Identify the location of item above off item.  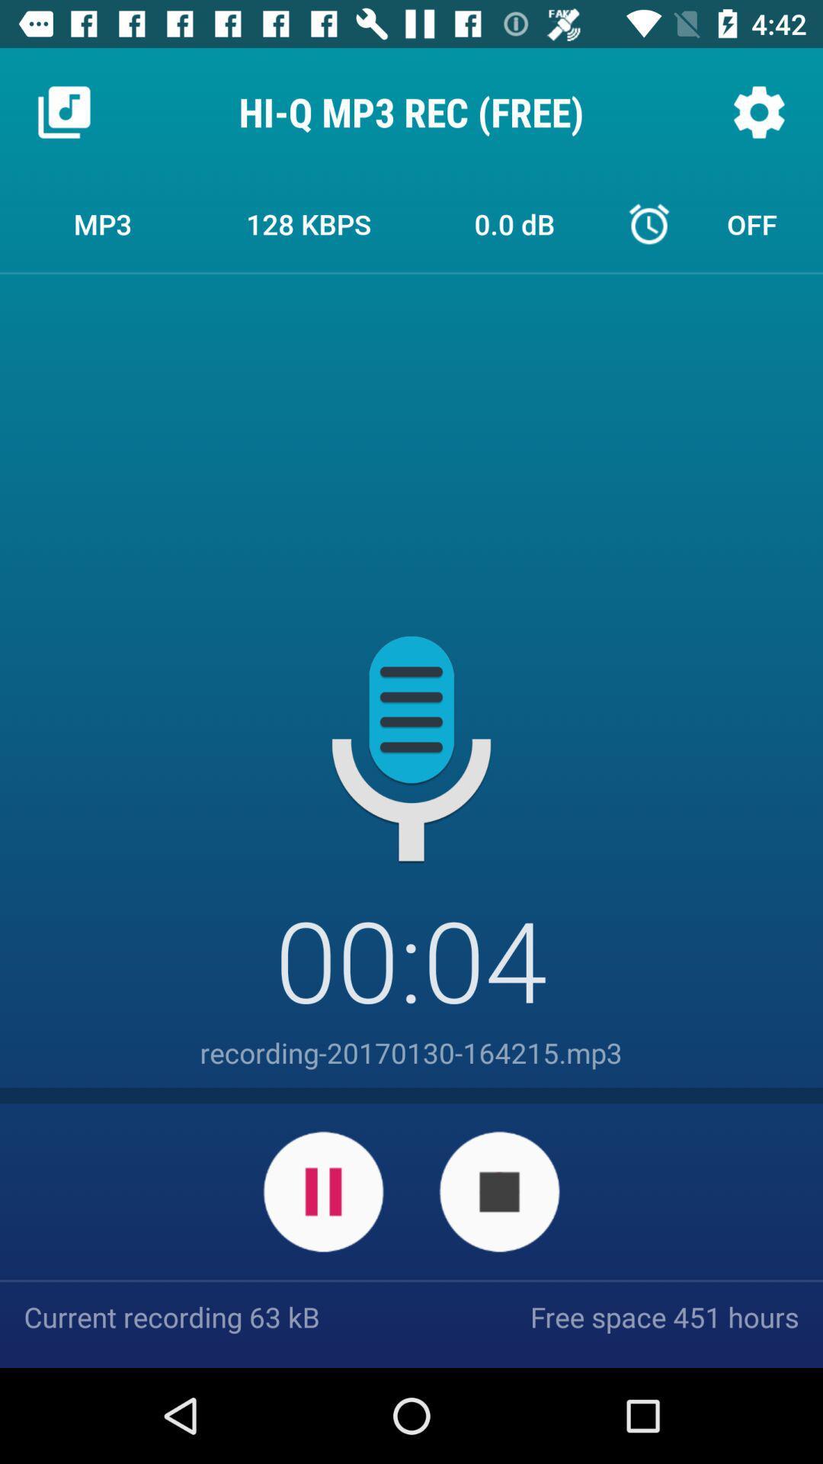
(758, 111).